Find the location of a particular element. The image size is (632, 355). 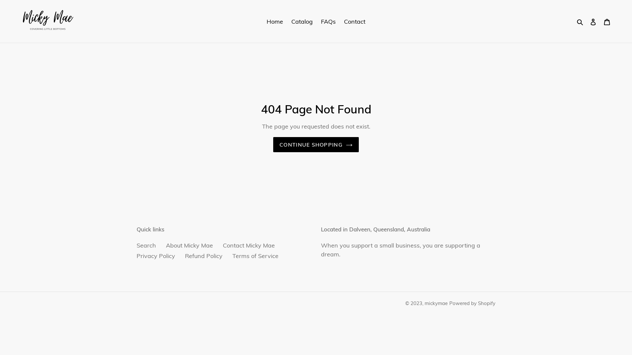

'Powered by Shopify' is located at coordinates (472, 303).